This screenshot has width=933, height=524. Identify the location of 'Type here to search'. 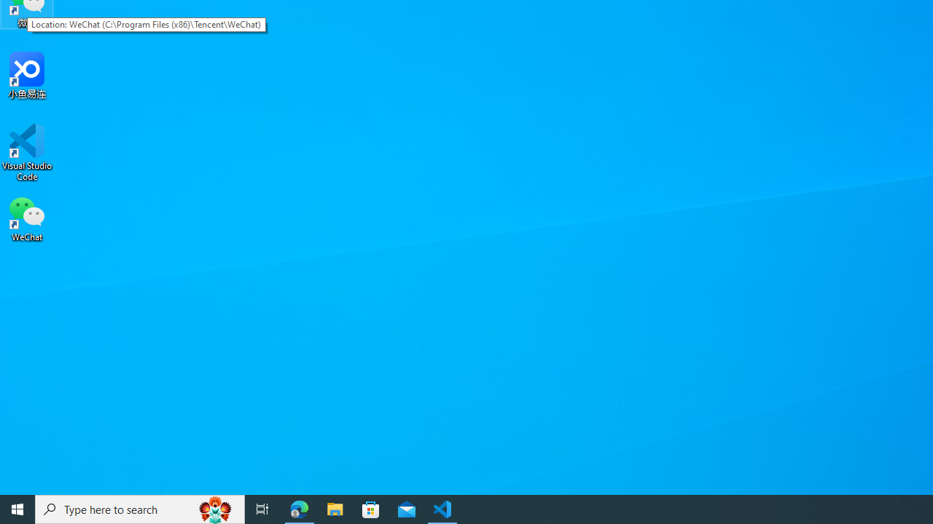
(140, 508).